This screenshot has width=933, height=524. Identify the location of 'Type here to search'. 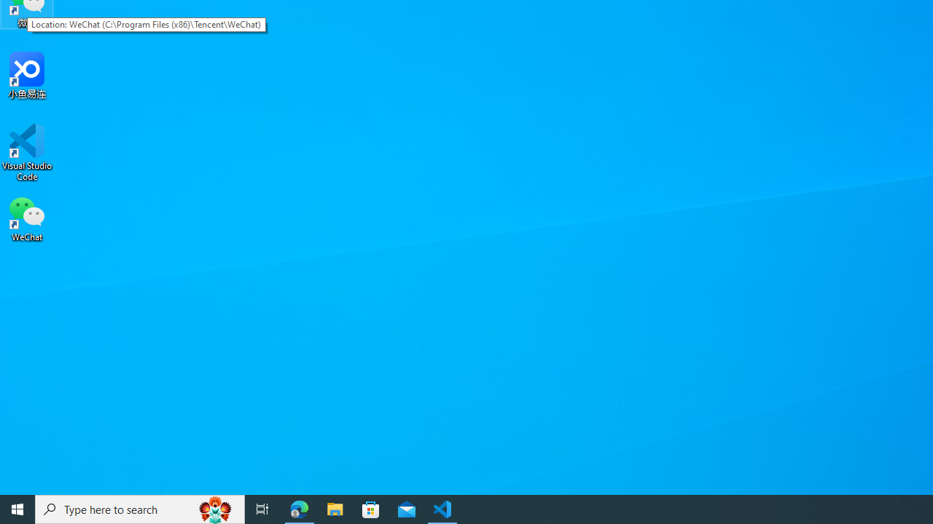
(140, 508).